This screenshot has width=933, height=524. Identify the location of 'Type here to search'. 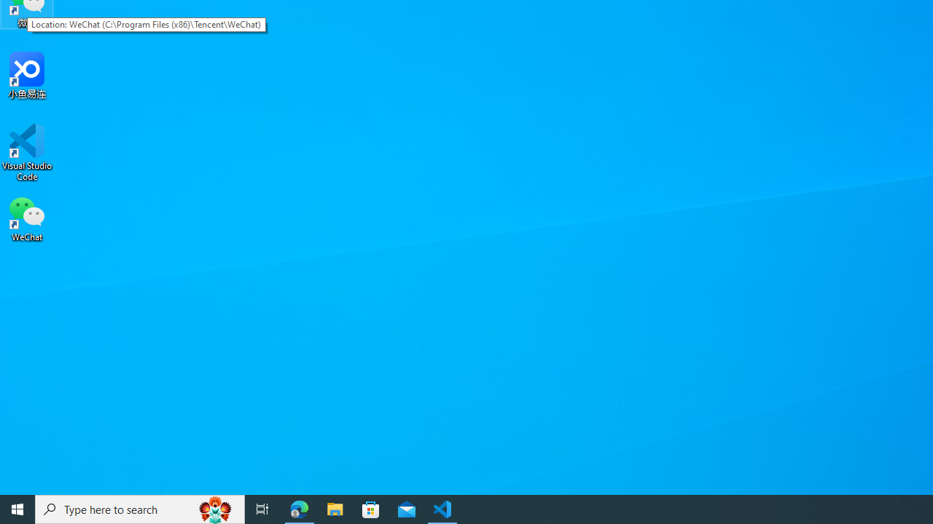
(140, 508).